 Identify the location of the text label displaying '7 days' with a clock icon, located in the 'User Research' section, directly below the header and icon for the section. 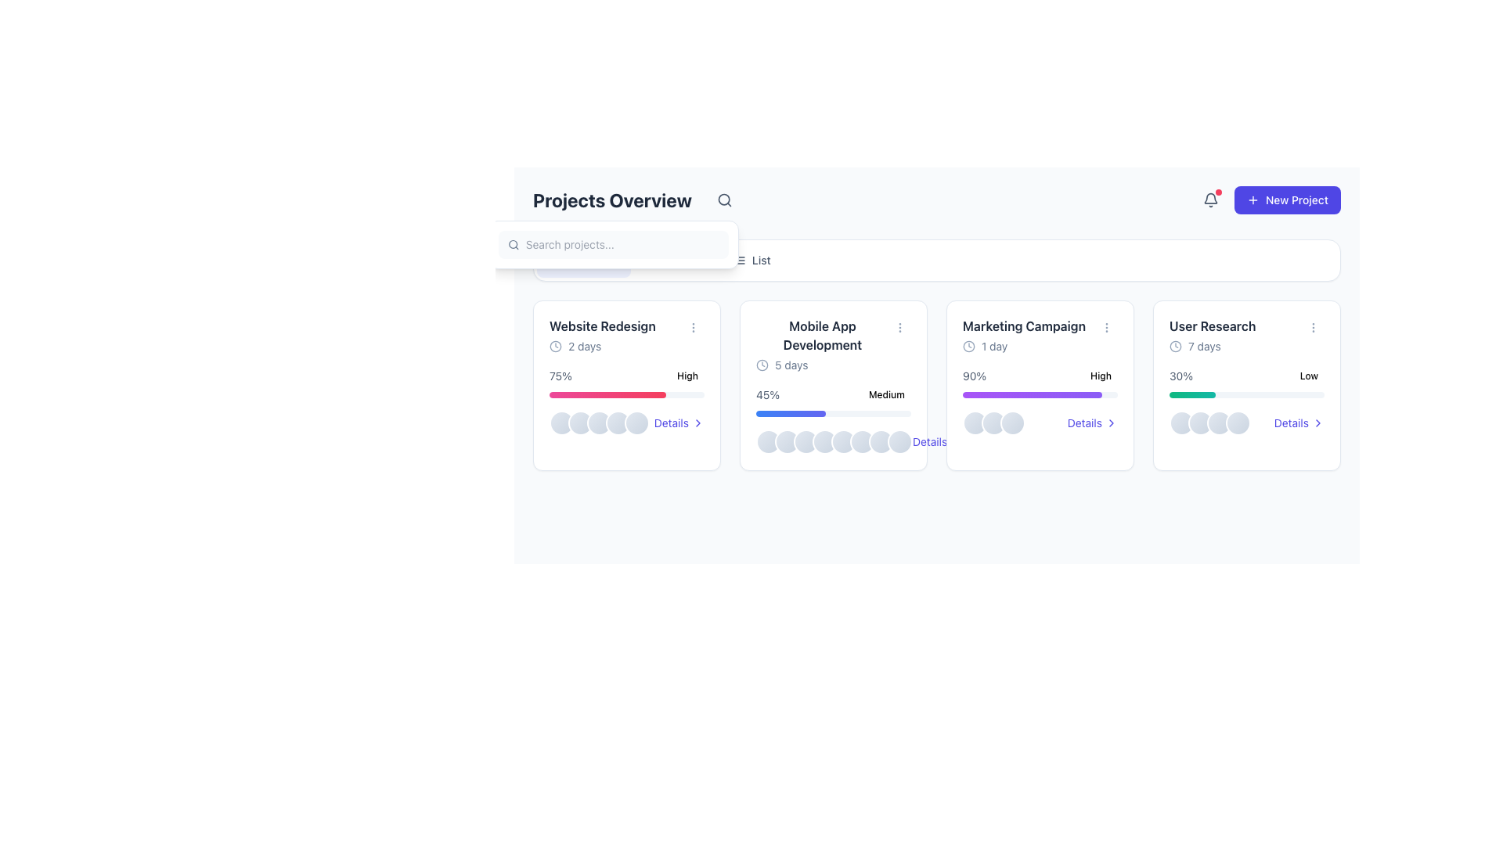
(1212, 346).